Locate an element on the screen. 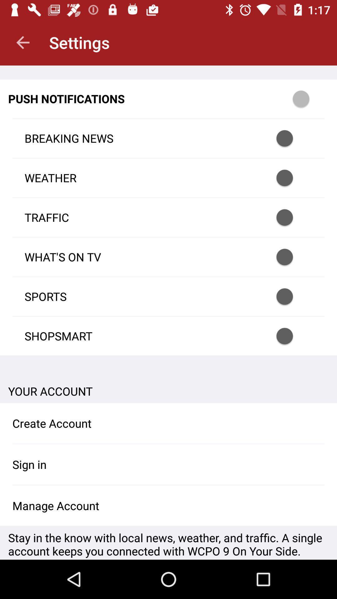 The height and width of the screenshot is (599, 337). sports notification is located at coordinates (293, 296).